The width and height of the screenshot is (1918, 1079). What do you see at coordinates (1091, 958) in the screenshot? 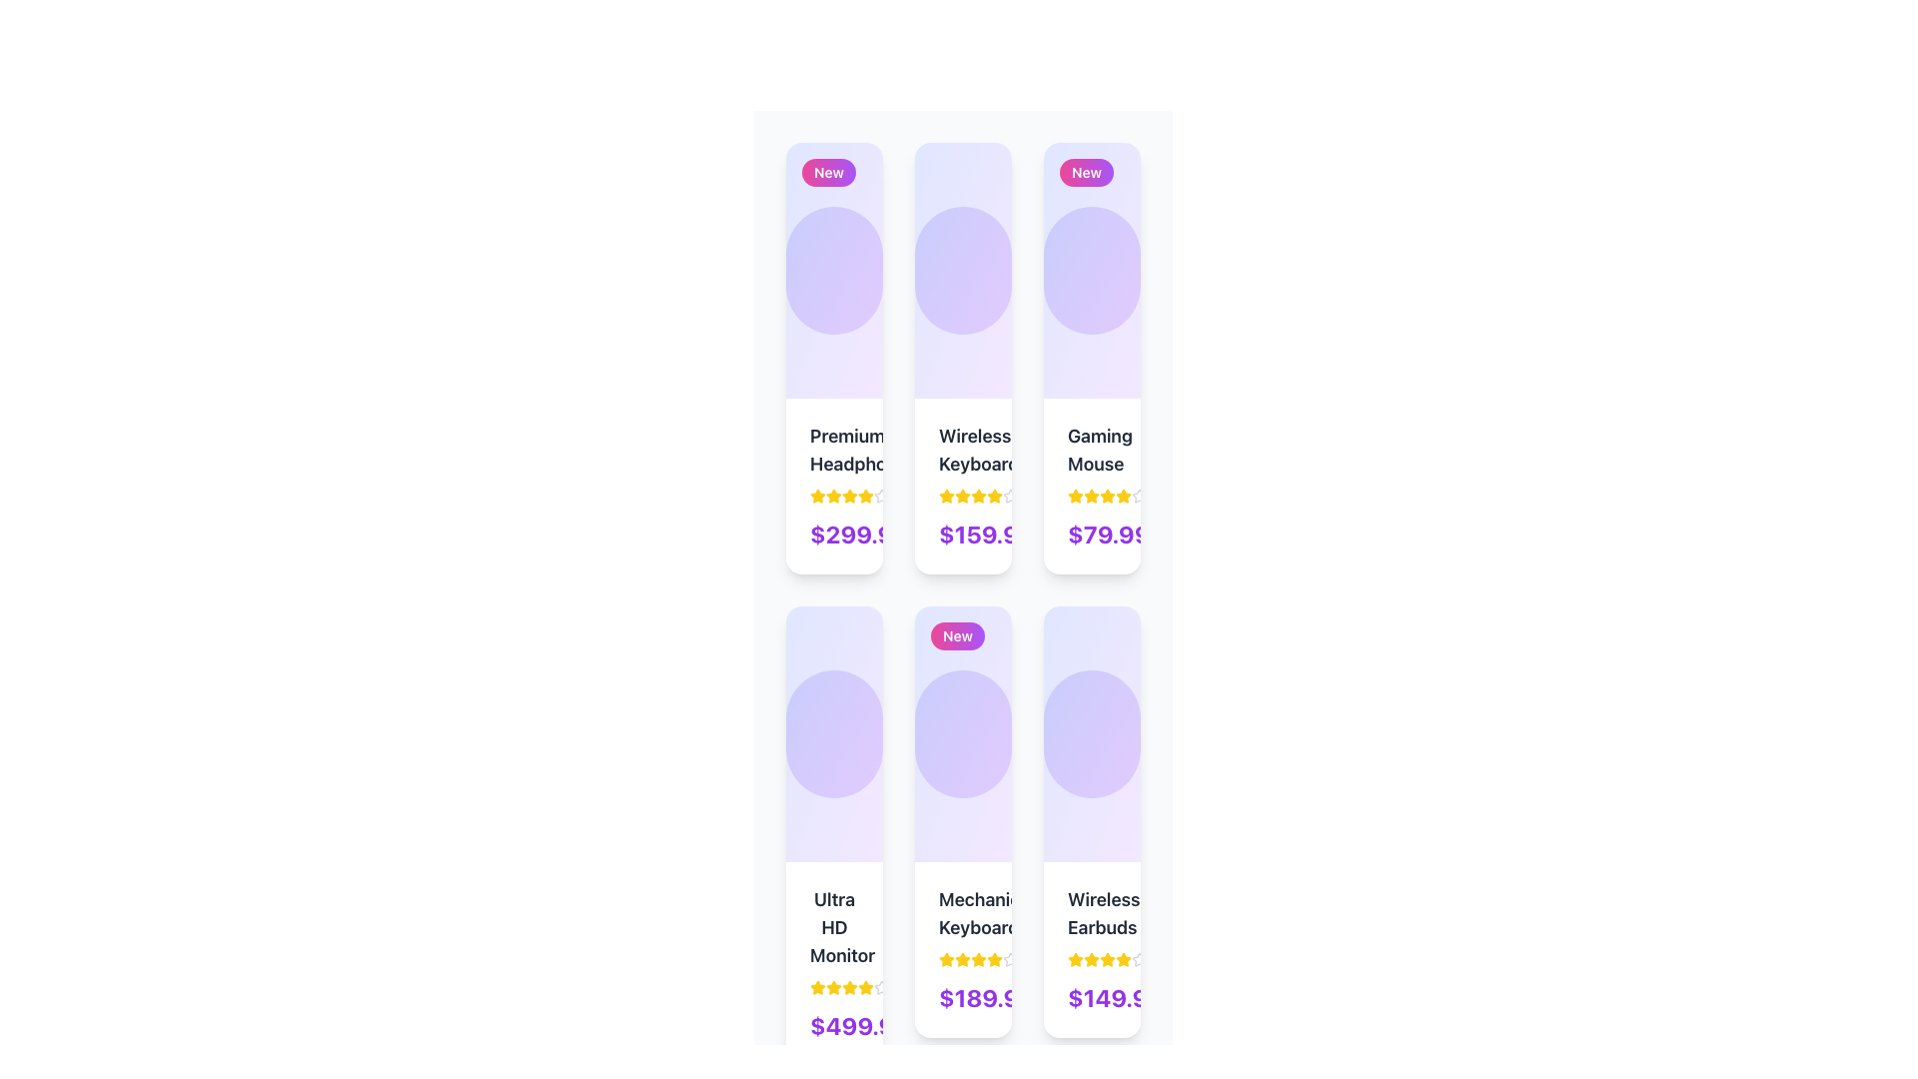
I see `the third rating star icon in the product card labeled 'Wireless Earbuds', which is positioned below the product title and above the price information` at bounding box center [1091, 958].